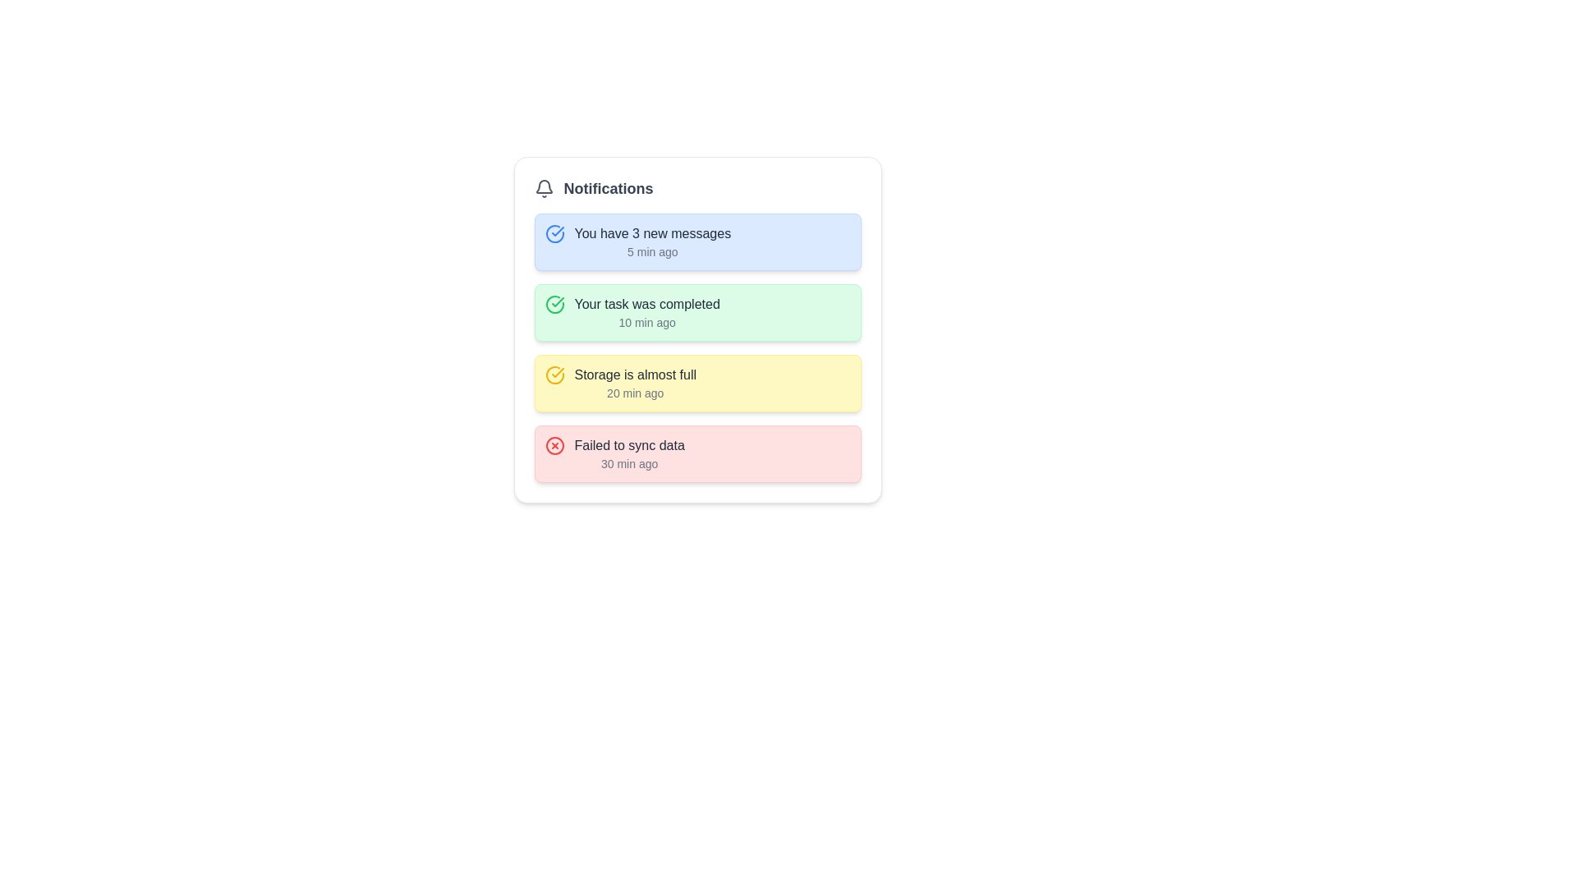 The height and width of the screenshot is (887, 1577). I want to click on the fourth notification box that alerts the user about a failure in syncing data for more details, so click(697, 453).